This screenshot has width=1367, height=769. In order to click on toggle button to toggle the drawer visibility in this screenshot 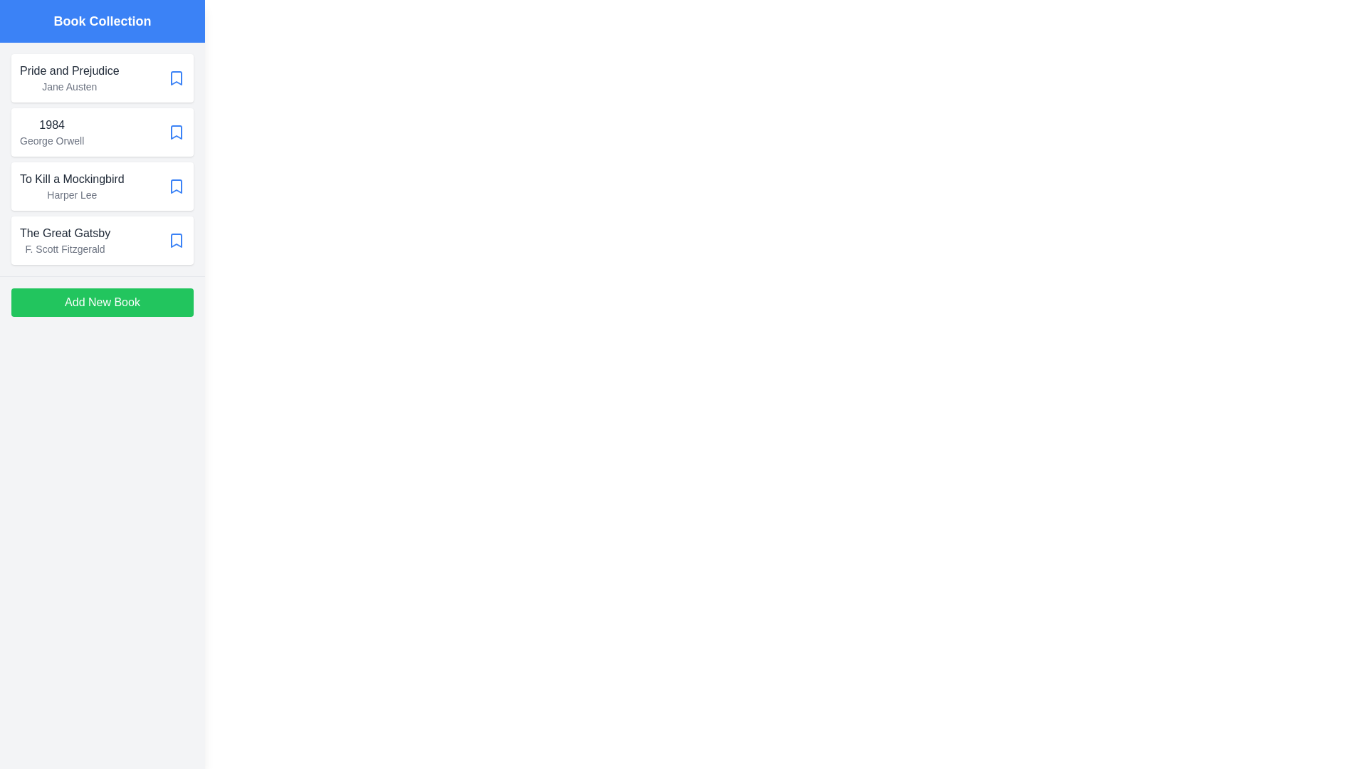, I will do `click(28, 28)`.